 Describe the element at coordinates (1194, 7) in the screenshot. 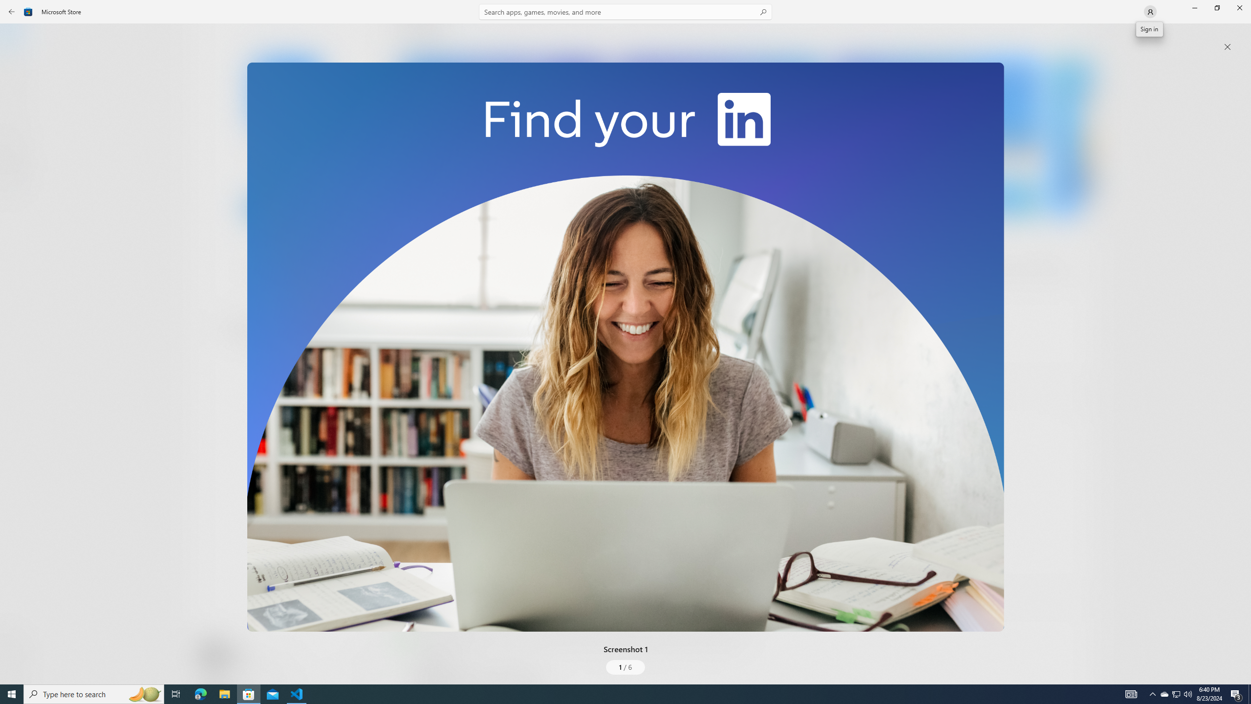

I see `'Minimize Microsoft Store'` at that location.